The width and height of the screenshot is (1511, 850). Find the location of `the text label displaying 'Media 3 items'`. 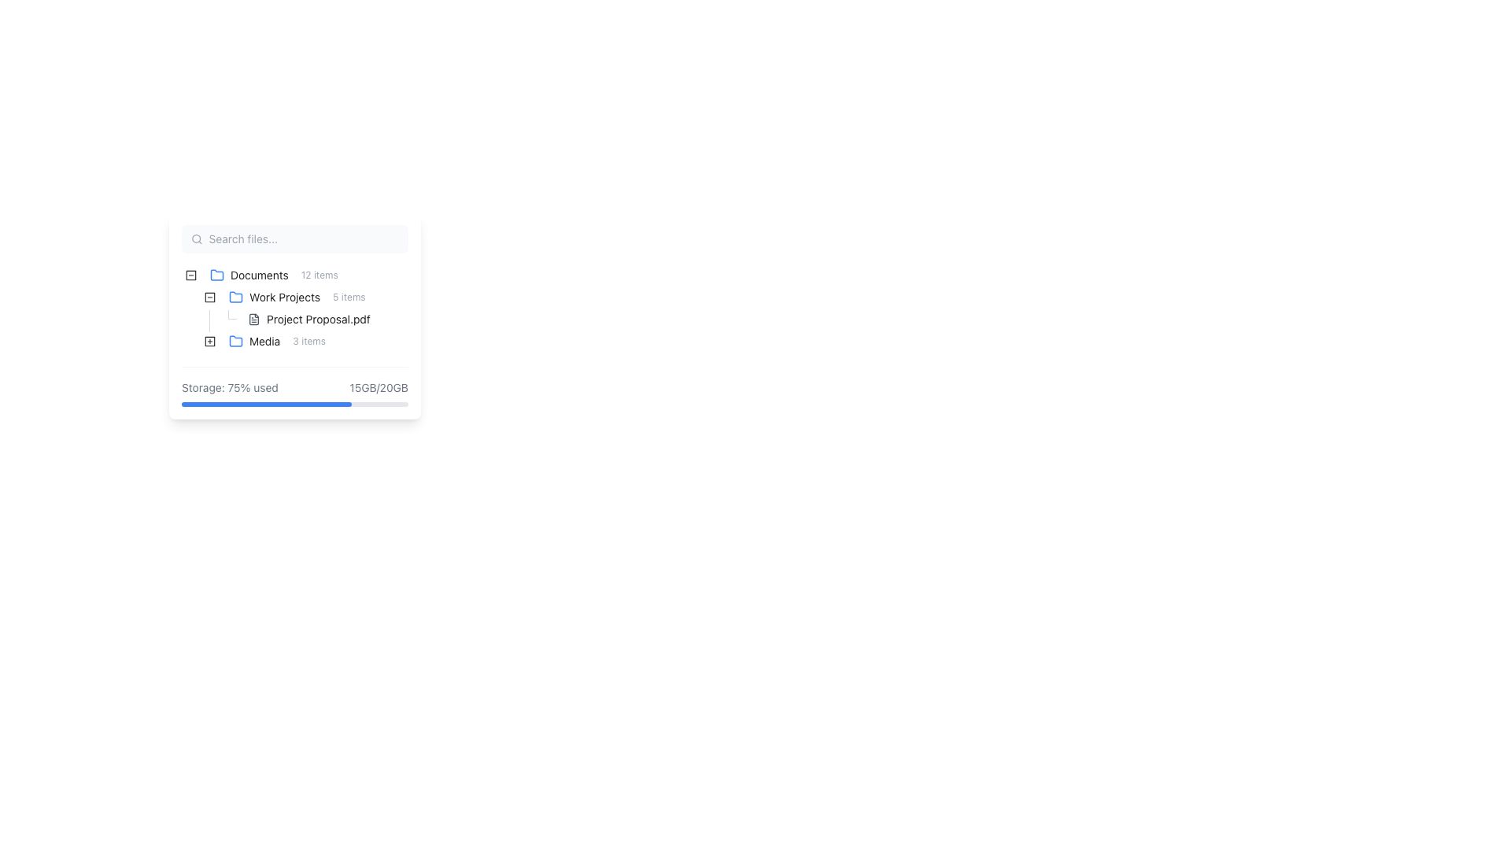

the text label displaying 'Media 3 items' is located at coordinates (277, 341).